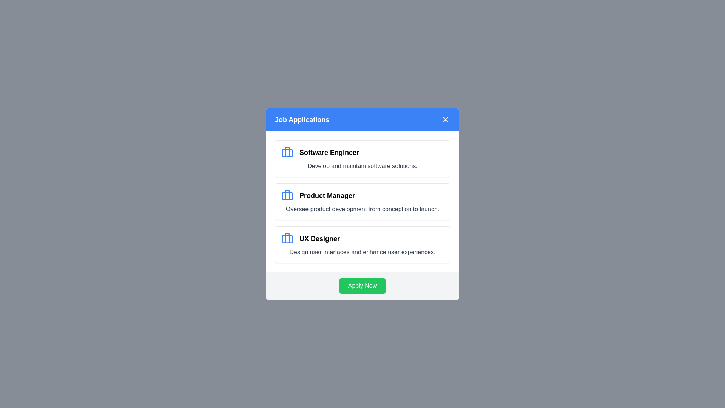 The height and width of the screenshot is (408, 725). What do you see at coordinates (446, 119) in the screenshot?
I see `the close icon located in the upper-right corner of the blue header bar of the 'Job Applications' modal to potentially receive visual feedback` at bounding box center [446, 119].